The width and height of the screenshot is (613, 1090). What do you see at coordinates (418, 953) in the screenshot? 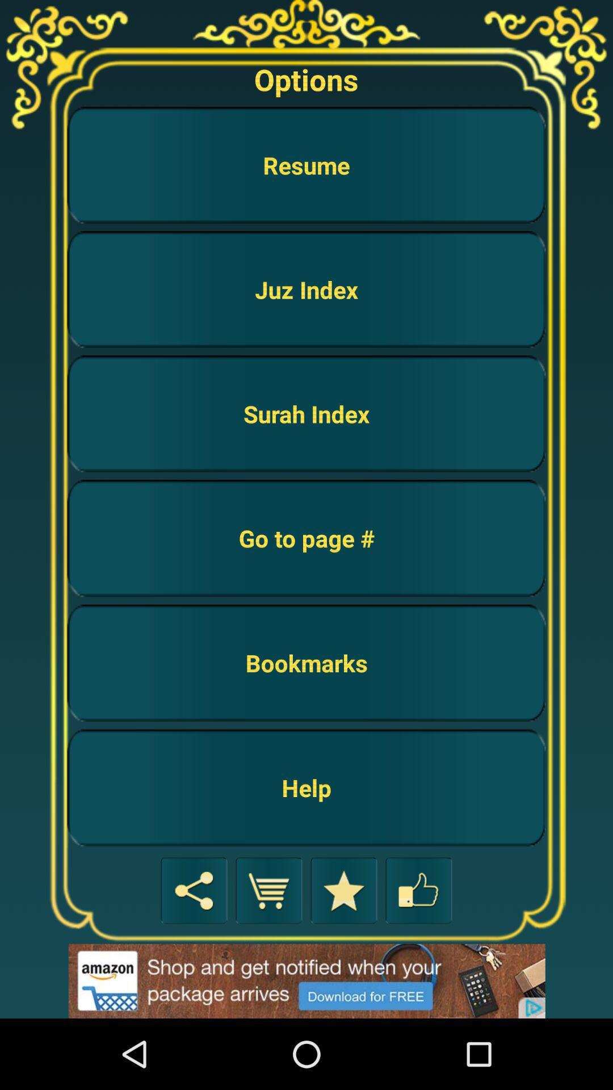
I see `the thumbs_up icon` at bounding box center [418, 953].